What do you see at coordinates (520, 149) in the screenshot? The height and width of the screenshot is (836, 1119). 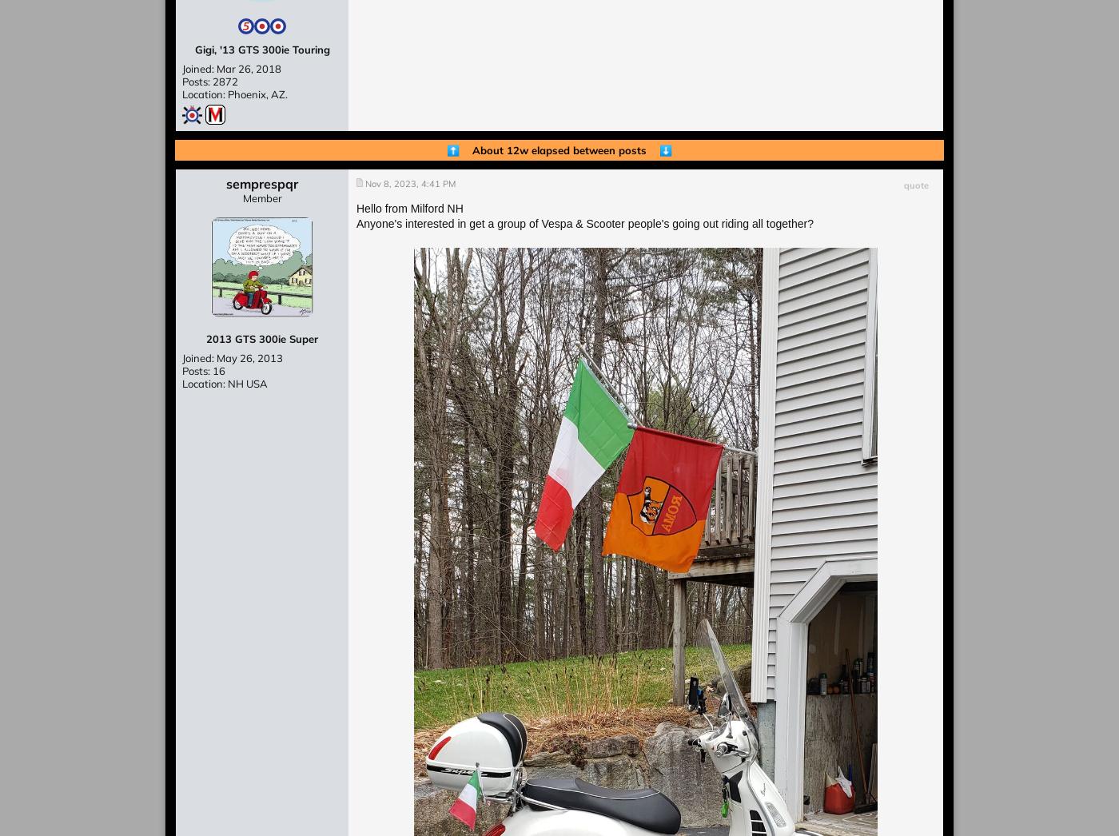 I see `'About 12w elapsed'` at bounding box center [520, 149].